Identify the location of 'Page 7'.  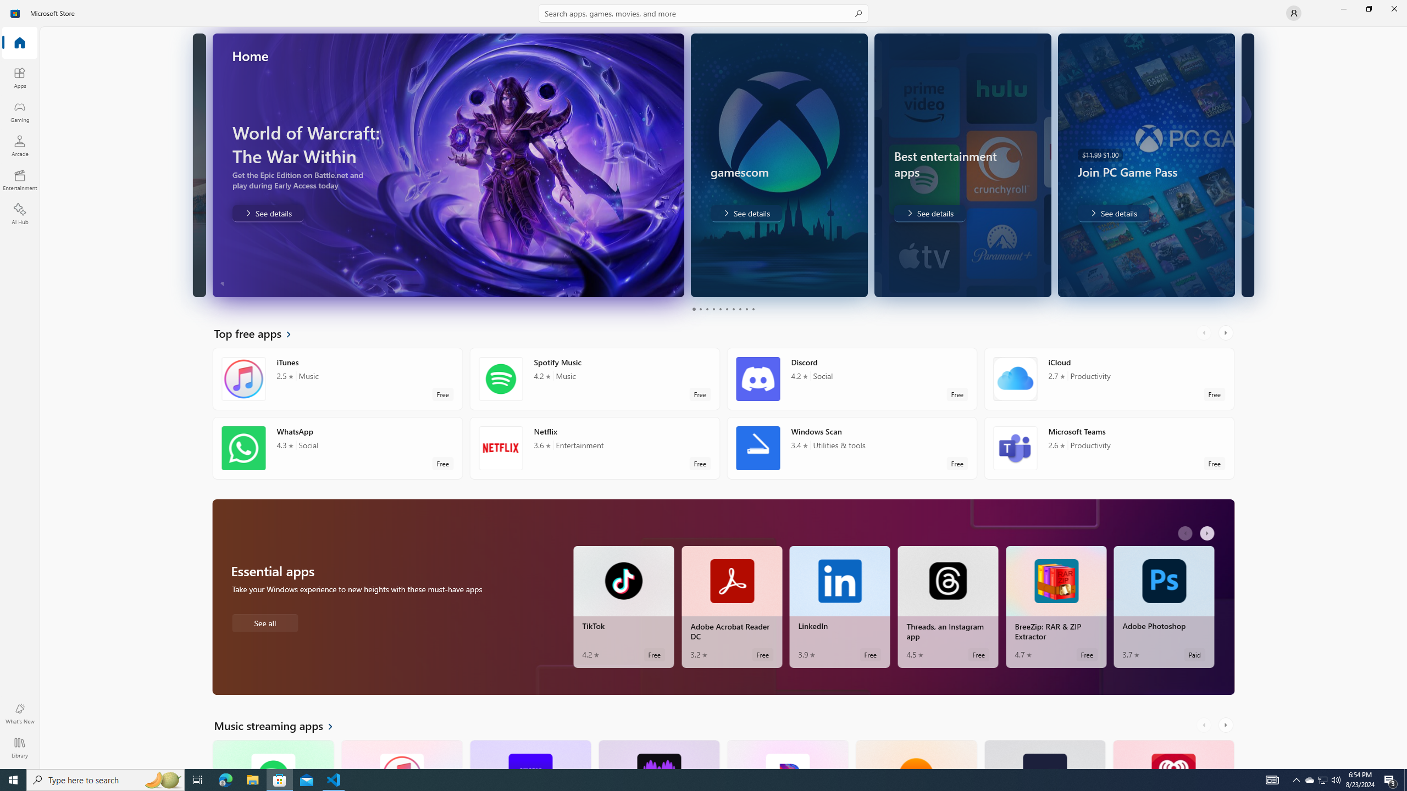
(732, 309).